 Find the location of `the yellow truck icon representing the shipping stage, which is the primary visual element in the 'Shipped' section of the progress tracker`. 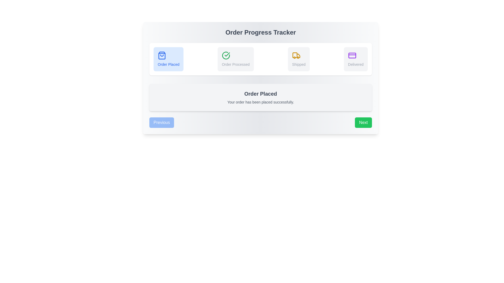

the yellow truck icon representing the shipping stage, which is the primary visual element in the 'Shipped' section of the progress tracker is located at coordinates (296, 56).